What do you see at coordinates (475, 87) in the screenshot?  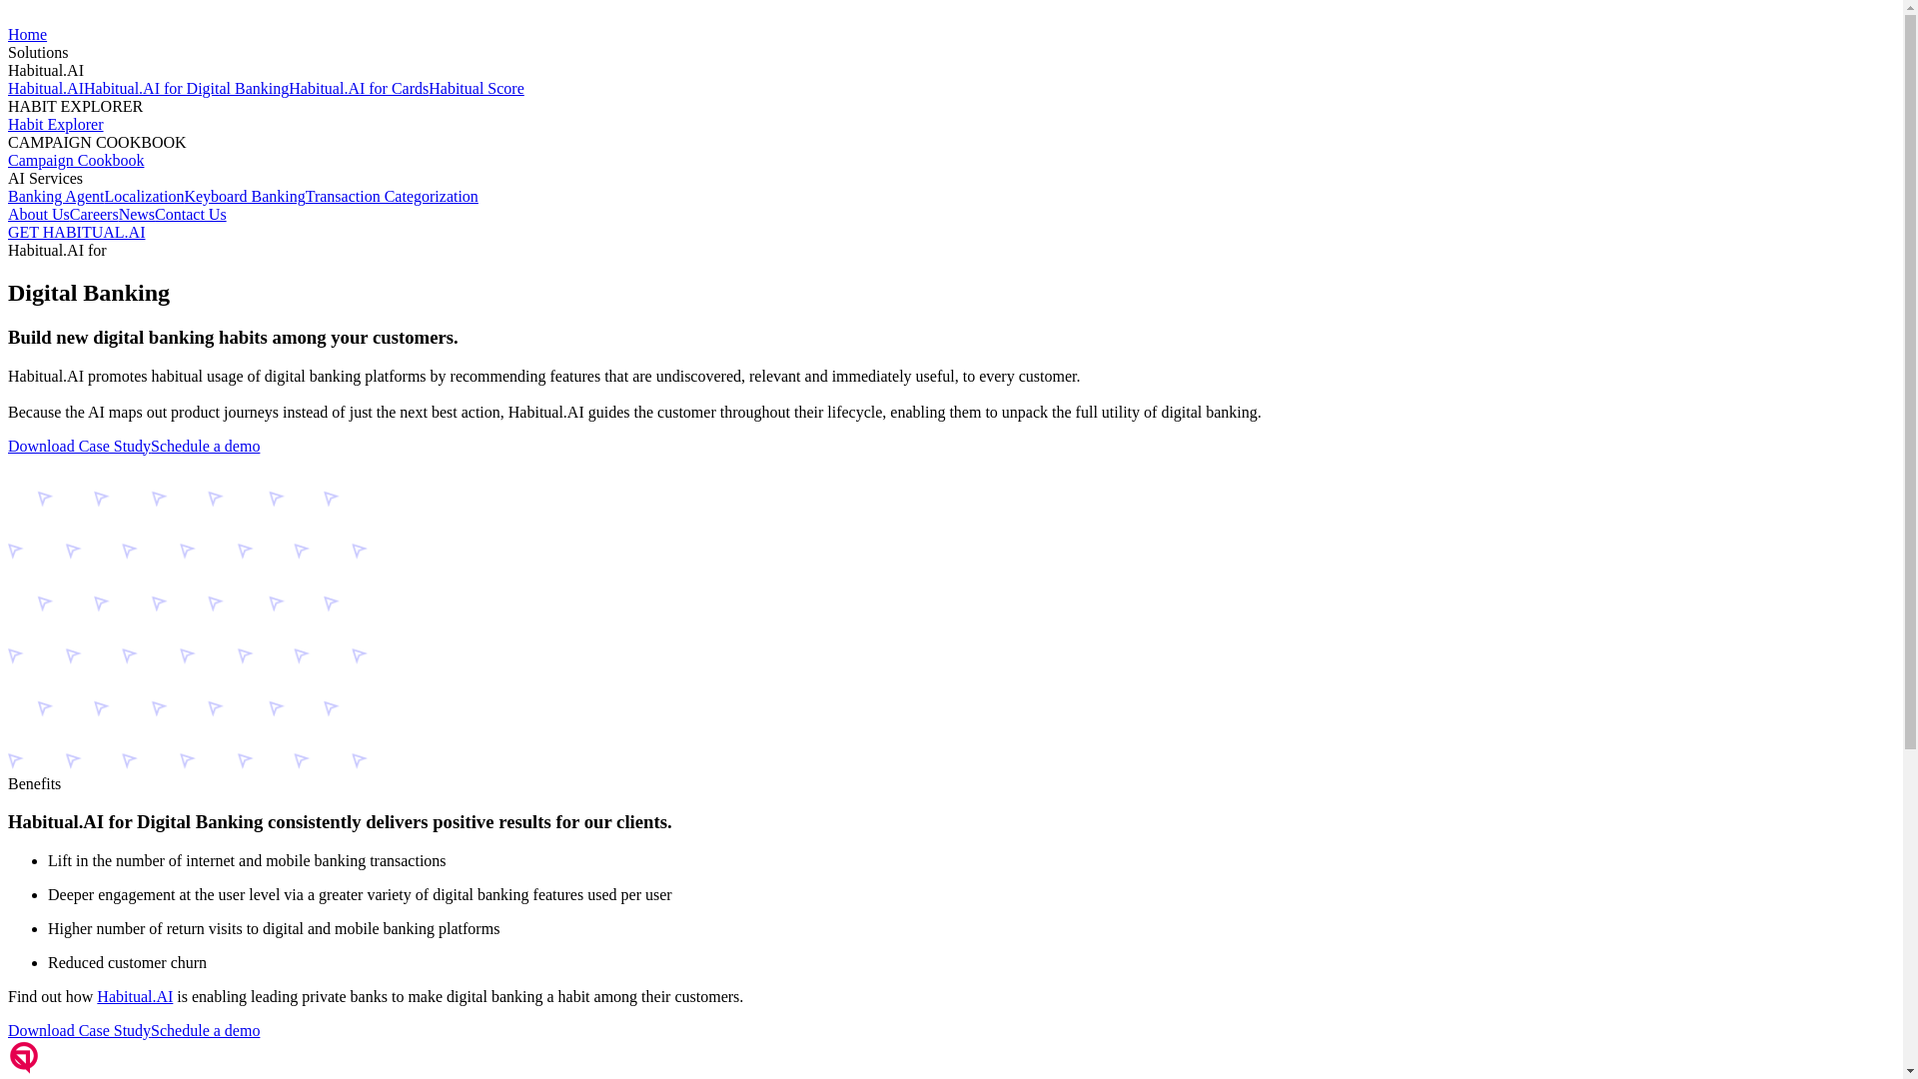 I see `'Habitual Score'` at bounding box center [475, 87].